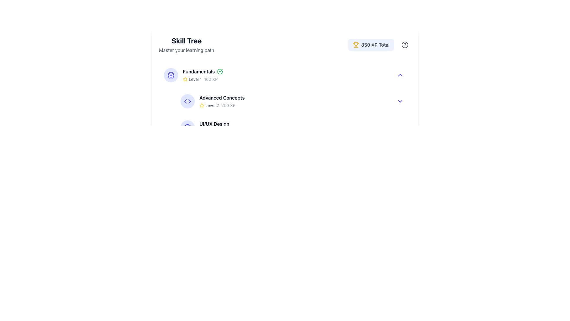 This screenshot has height=321, width=570. I want to click on the status of the circular green icon with a checkmark inside, indicating success or completion, located to the right of the 'Fundamentals' text in the 'Skill Tree' section, so click(220, 71).